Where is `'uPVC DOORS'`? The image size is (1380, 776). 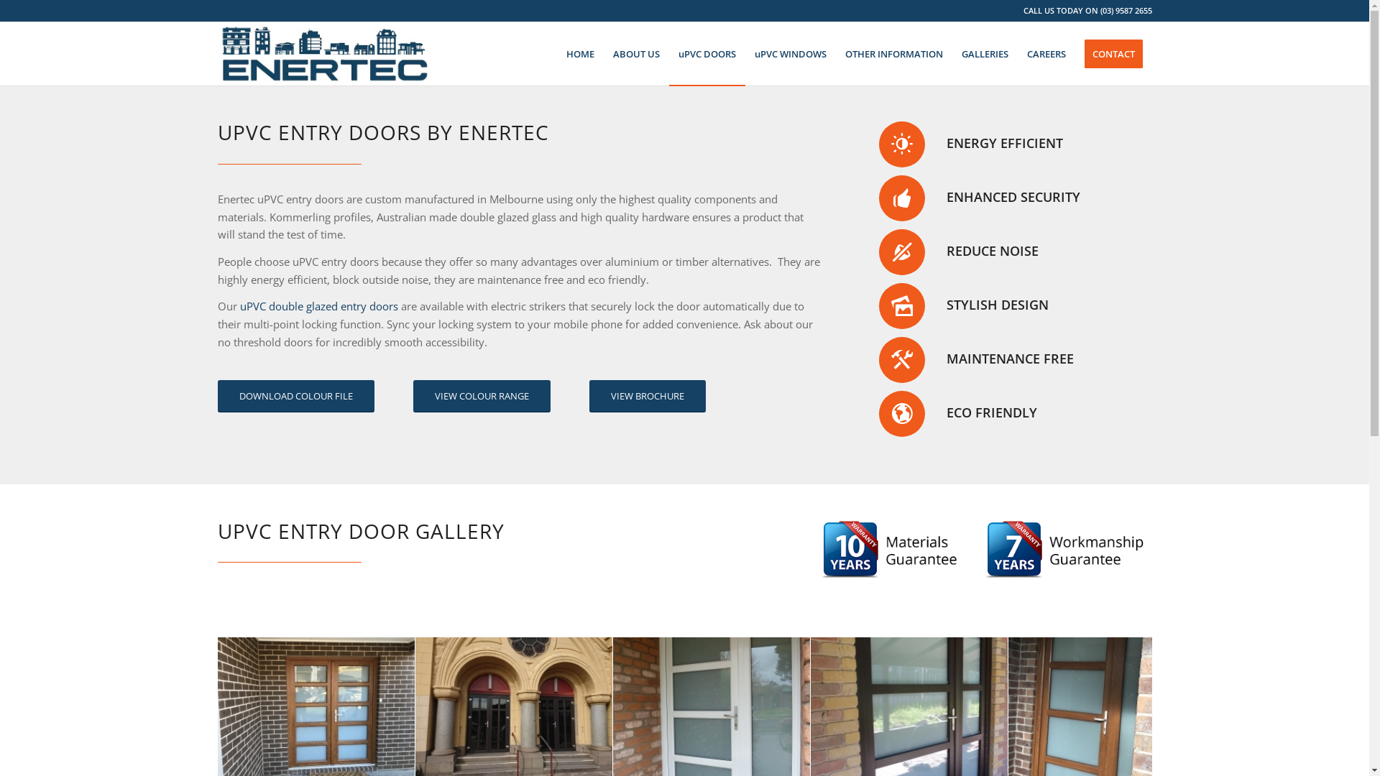 'uPVC DOORS' is located at coordinates (707, 52).